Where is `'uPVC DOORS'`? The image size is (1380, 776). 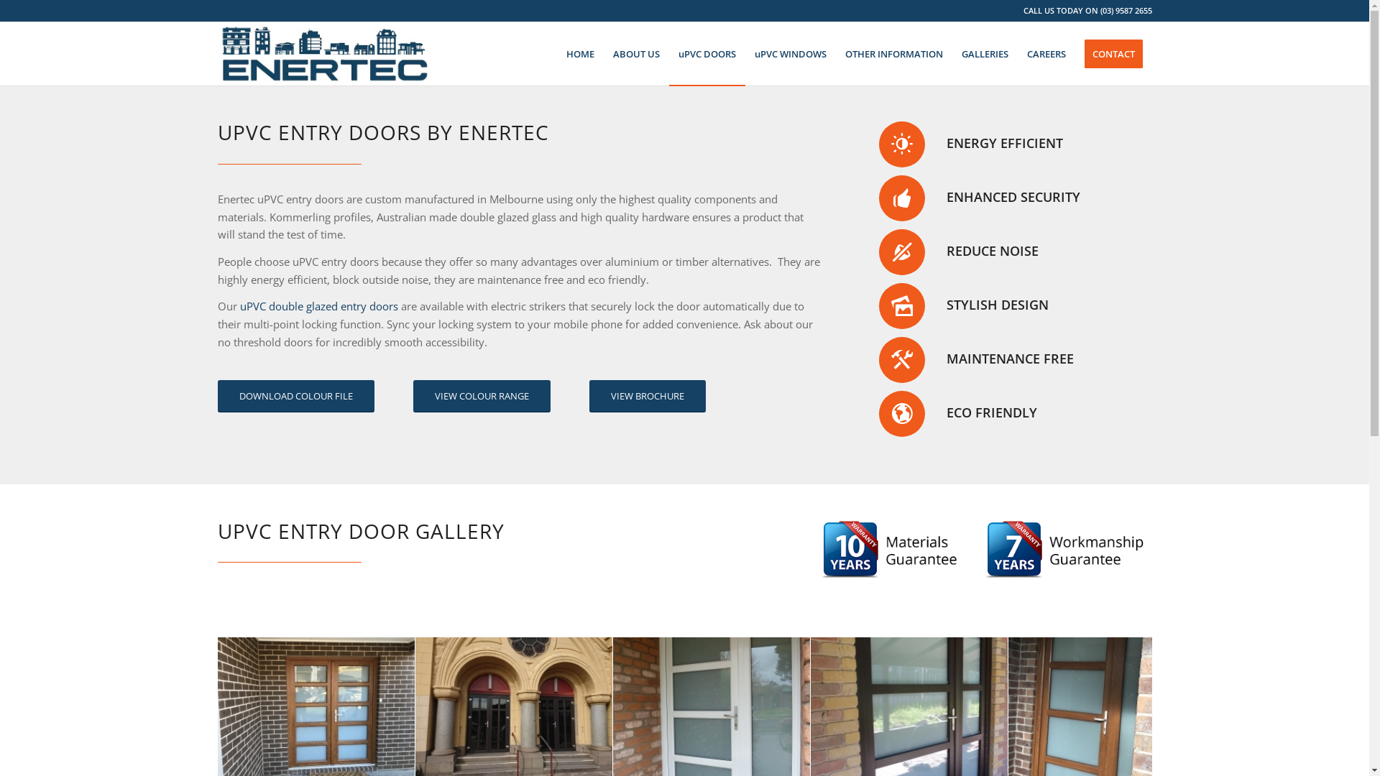 'uPVC DOORS' is located at coordinates (707, 52).